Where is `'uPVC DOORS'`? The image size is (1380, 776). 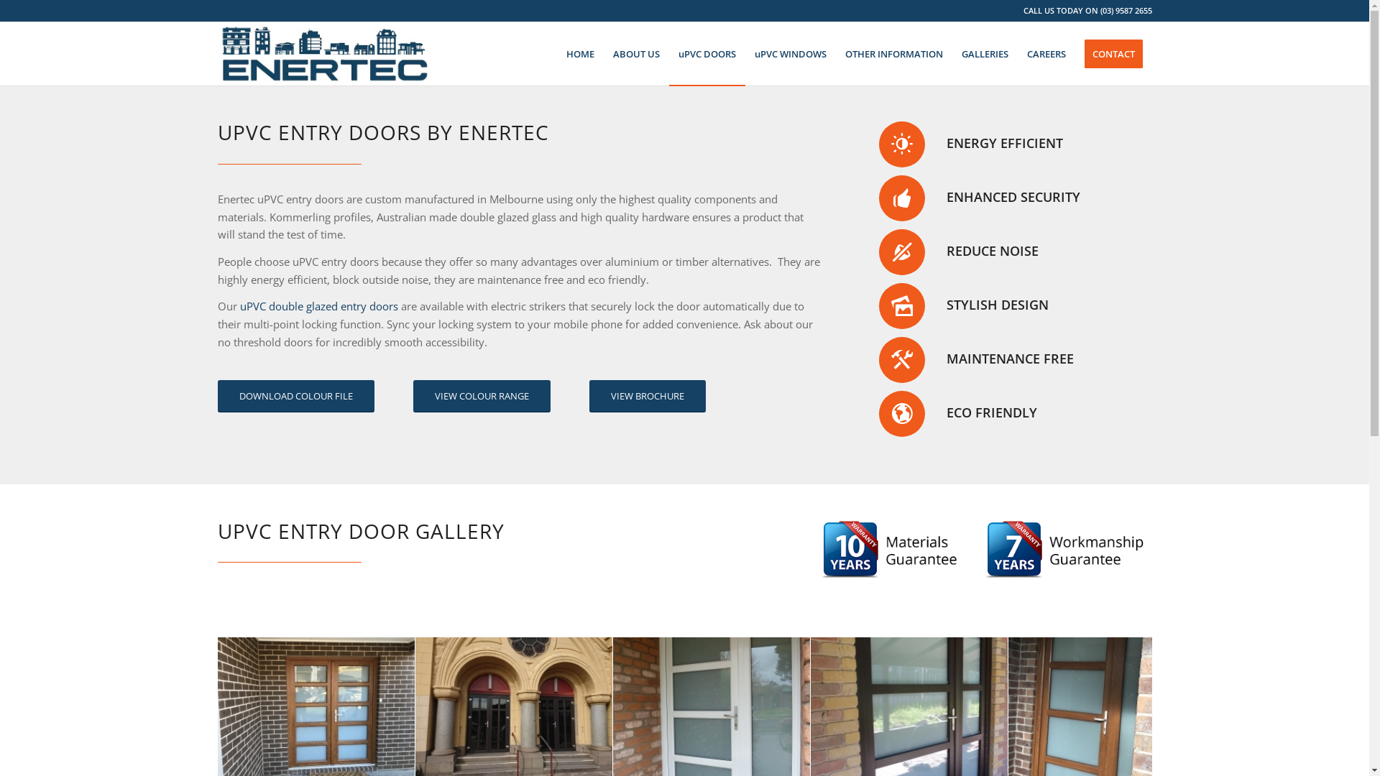 'uPVC DOORS' is located at coordinates (707, 52).